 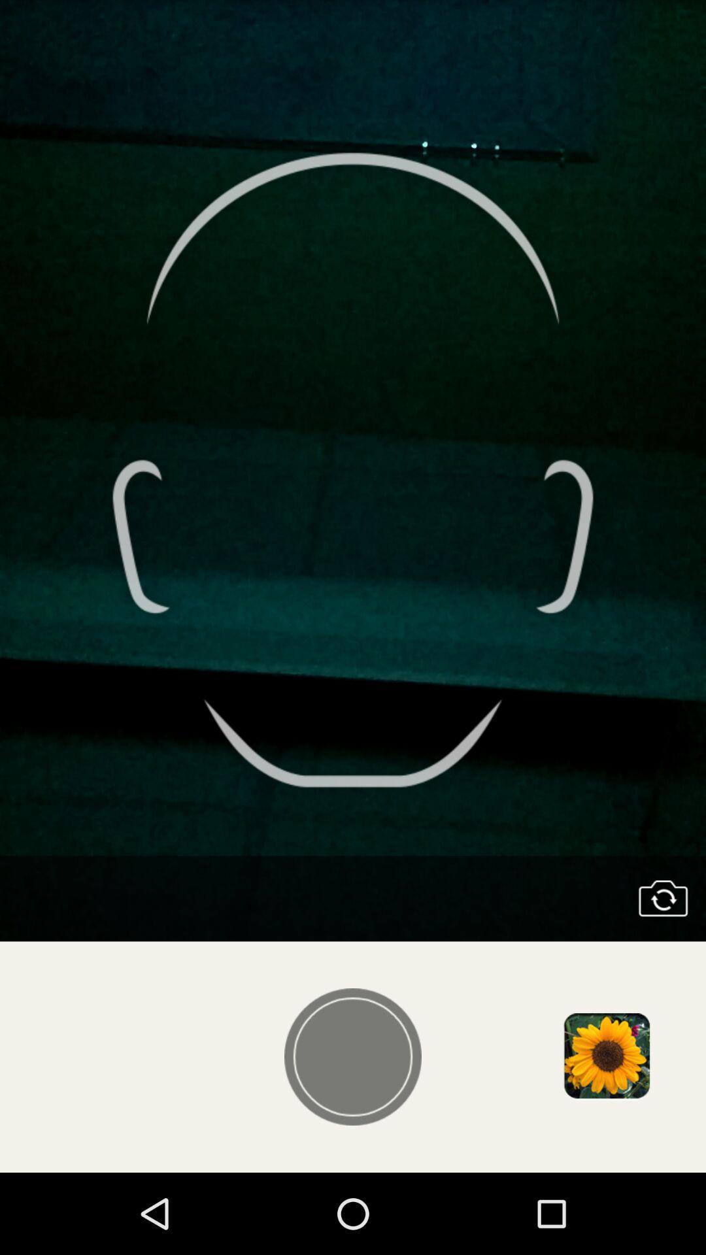 What do you see at coordinates (663, 962) in the screenshot?
I see `the photo icon` at bounding box center [663, 962].